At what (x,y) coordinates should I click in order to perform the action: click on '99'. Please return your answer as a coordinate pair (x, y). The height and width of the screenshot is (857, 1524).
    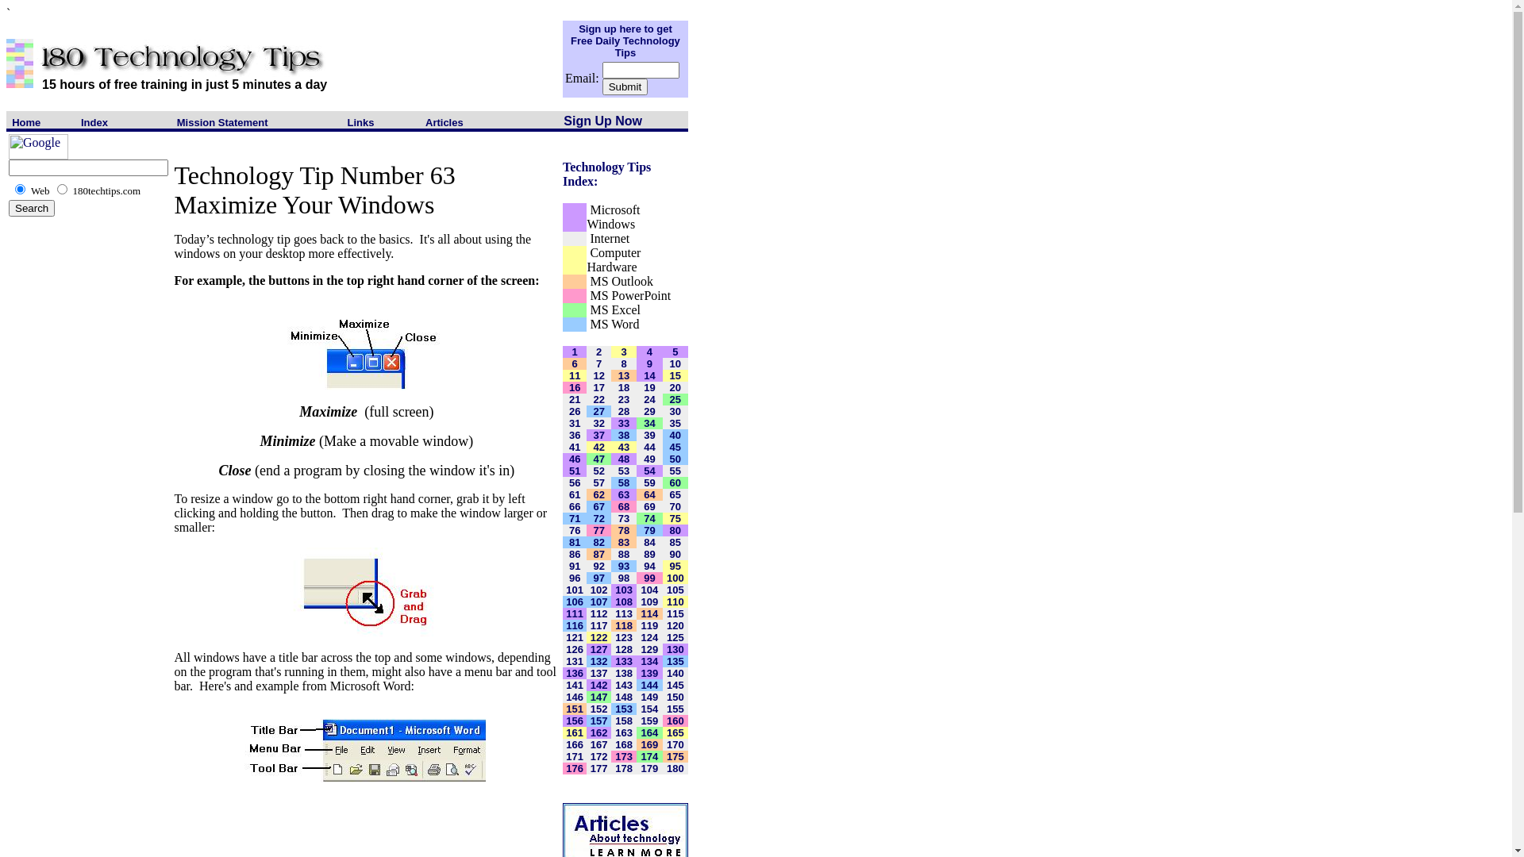
    Looking at the image, I should click on (648, 577).